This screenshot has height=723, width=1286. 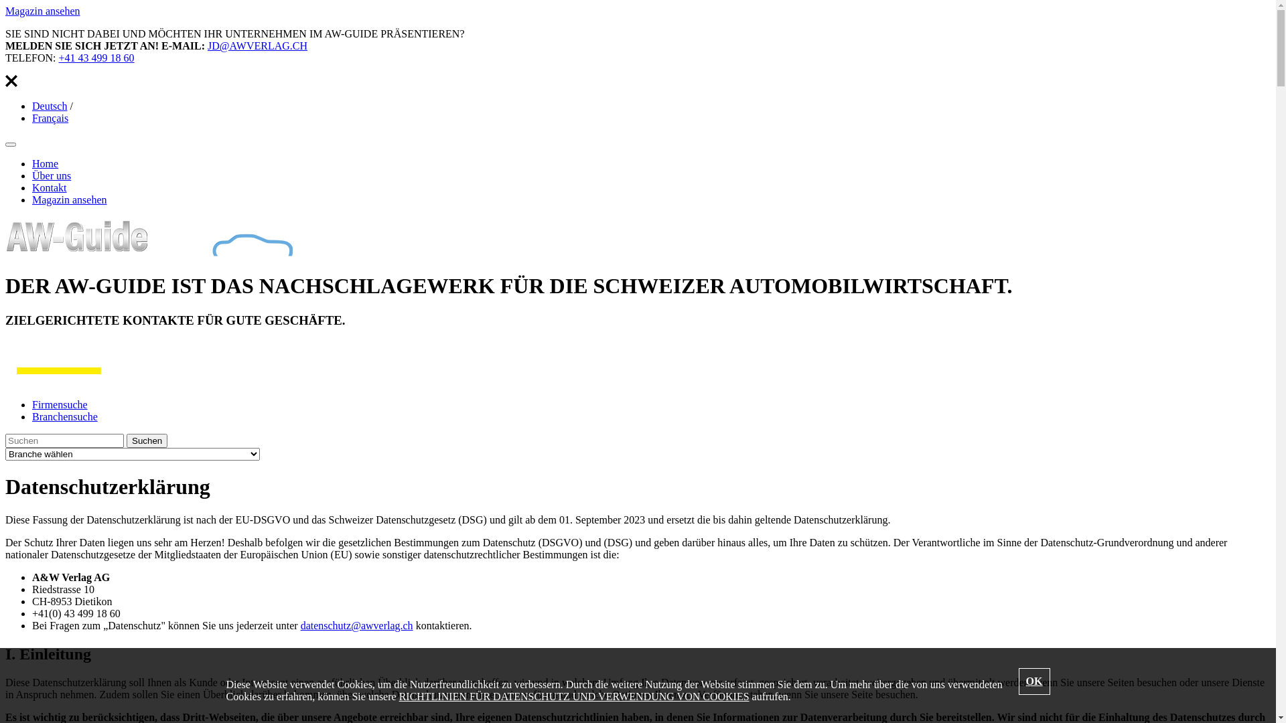 I want to click on 'Magazin ansehen', so click(x=42, y=11).